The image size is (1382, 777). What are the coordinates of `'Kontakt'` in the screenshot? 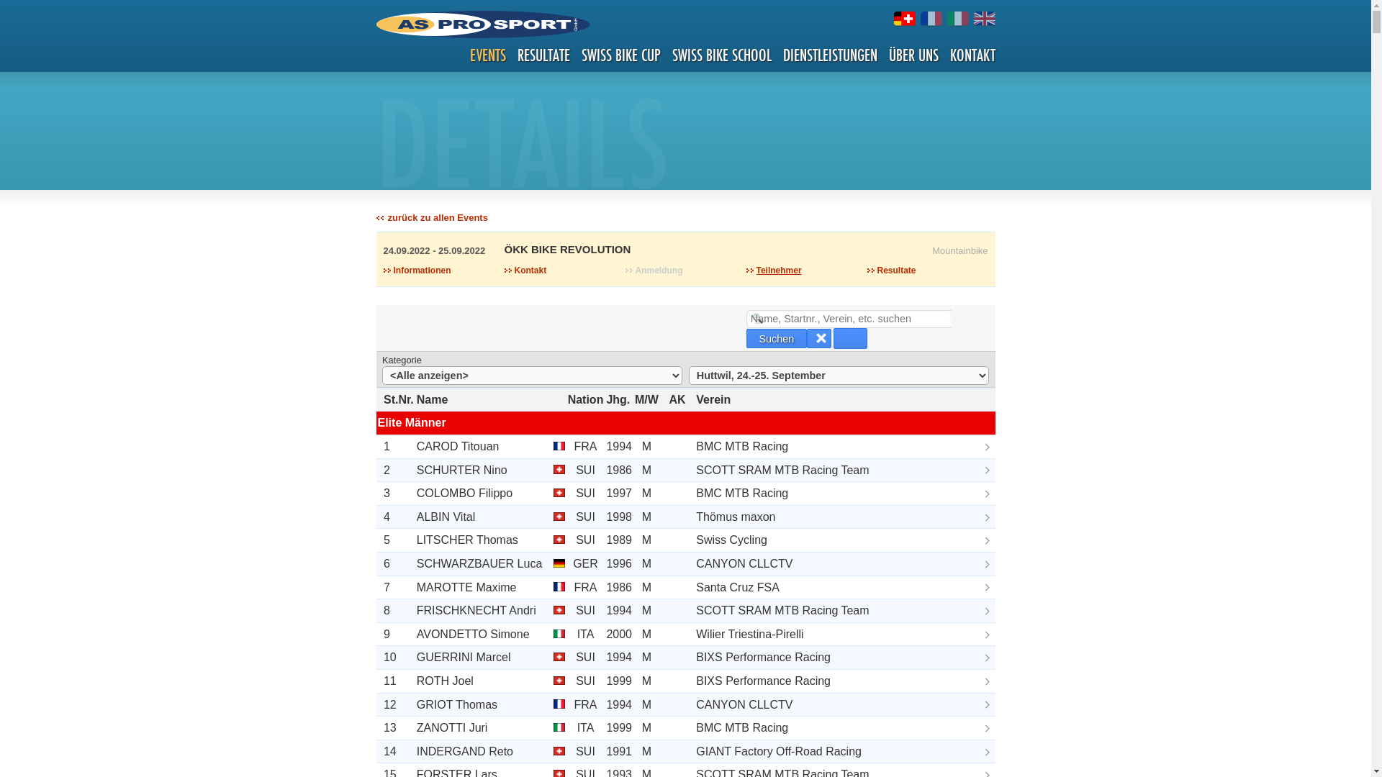 It's located at (504, 270).